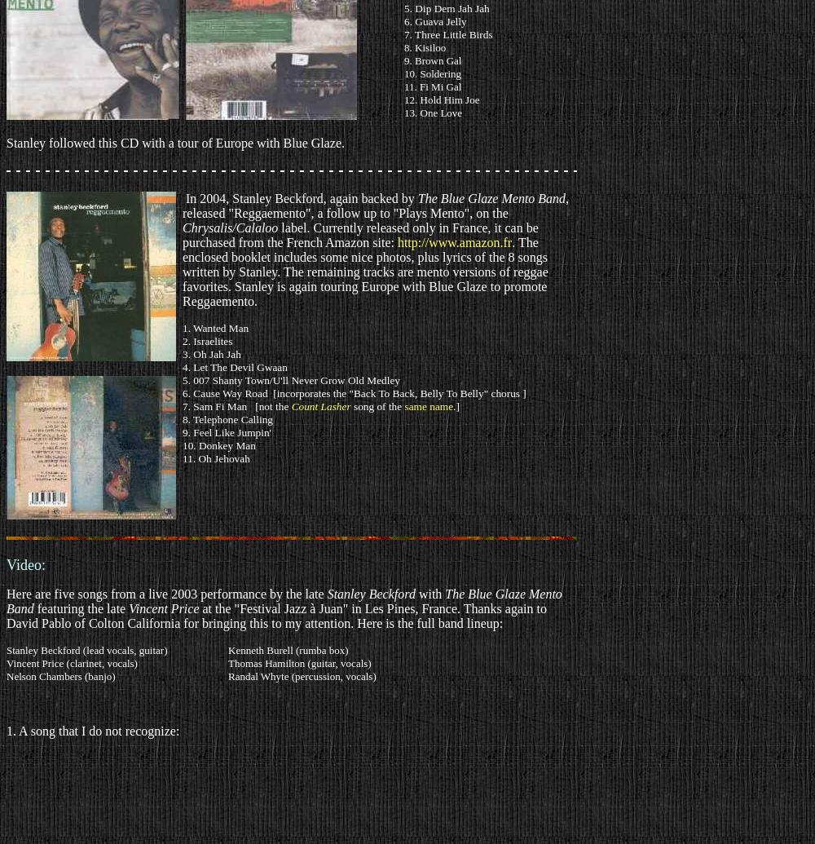 This screenshot has width=815, height=844. Describe the element at coordinates (431, 593) in the screenshot. I see `'with'` at that location.